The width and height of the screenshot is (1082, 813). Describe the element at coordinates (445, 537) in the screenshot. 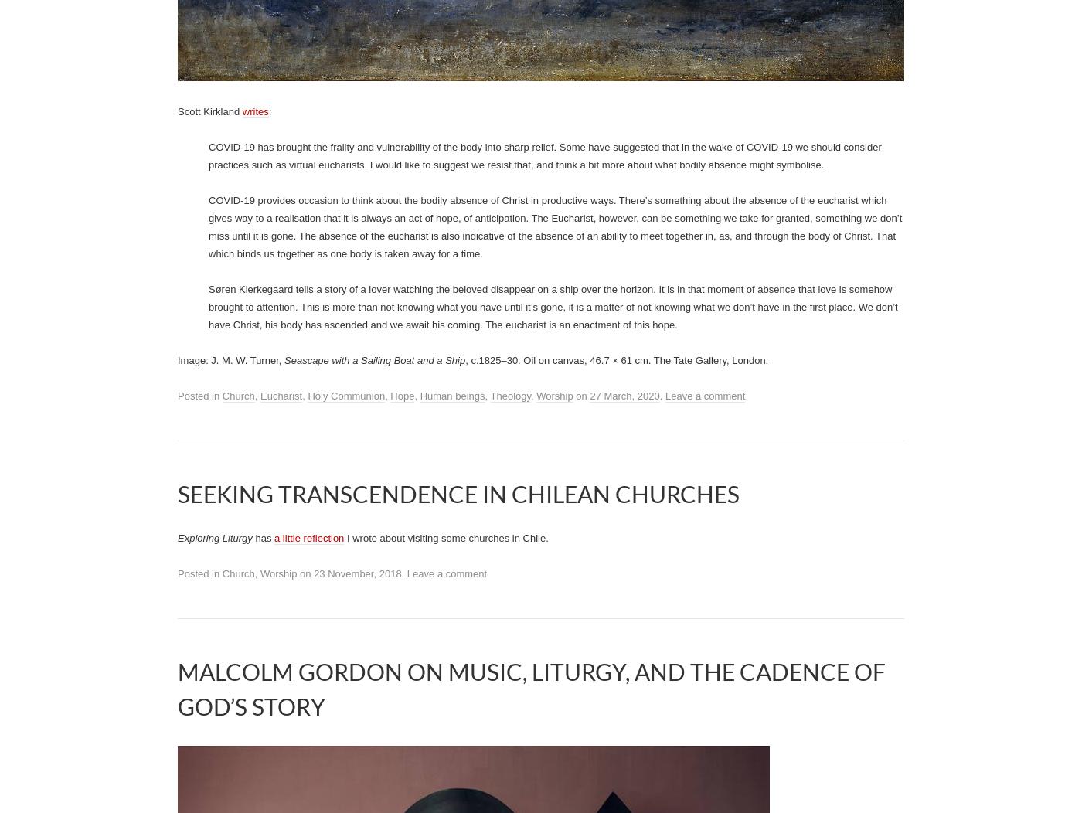

I see `'I wrote about visiting some churches in Chile.'` at that location.